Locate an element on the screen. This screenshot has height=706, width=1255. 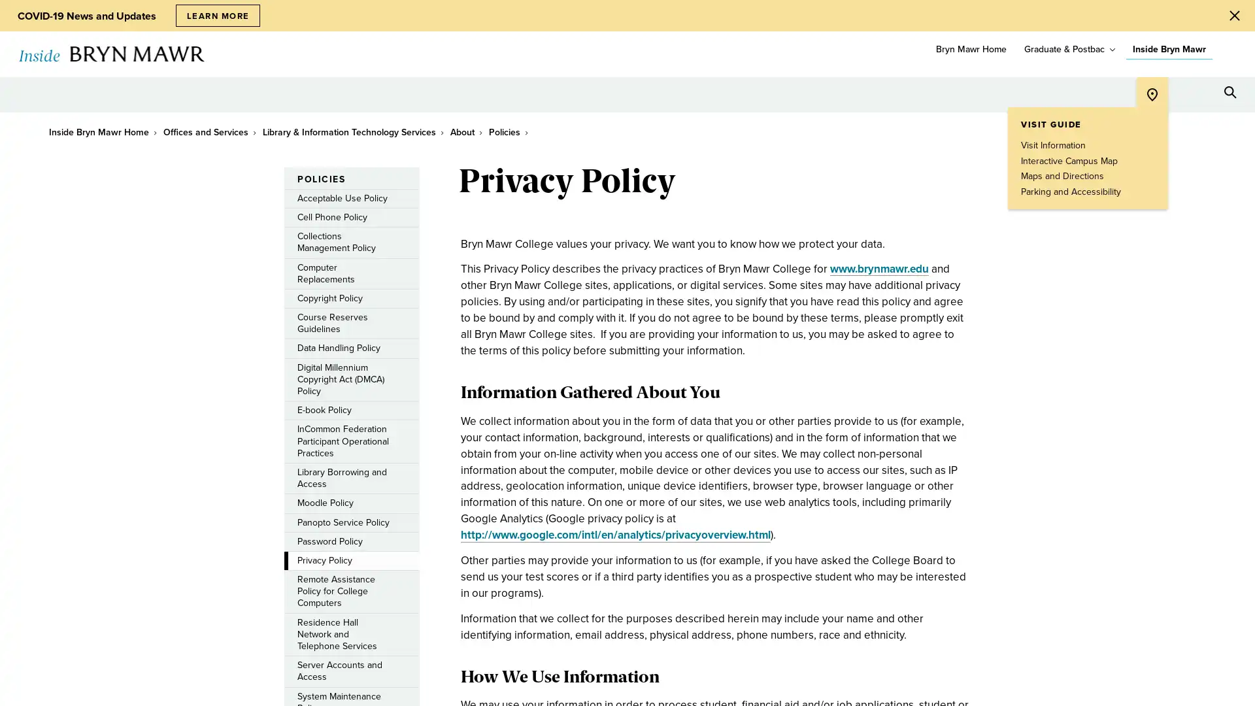
Graduate & Postbac is located at coordinates (1064, 48).